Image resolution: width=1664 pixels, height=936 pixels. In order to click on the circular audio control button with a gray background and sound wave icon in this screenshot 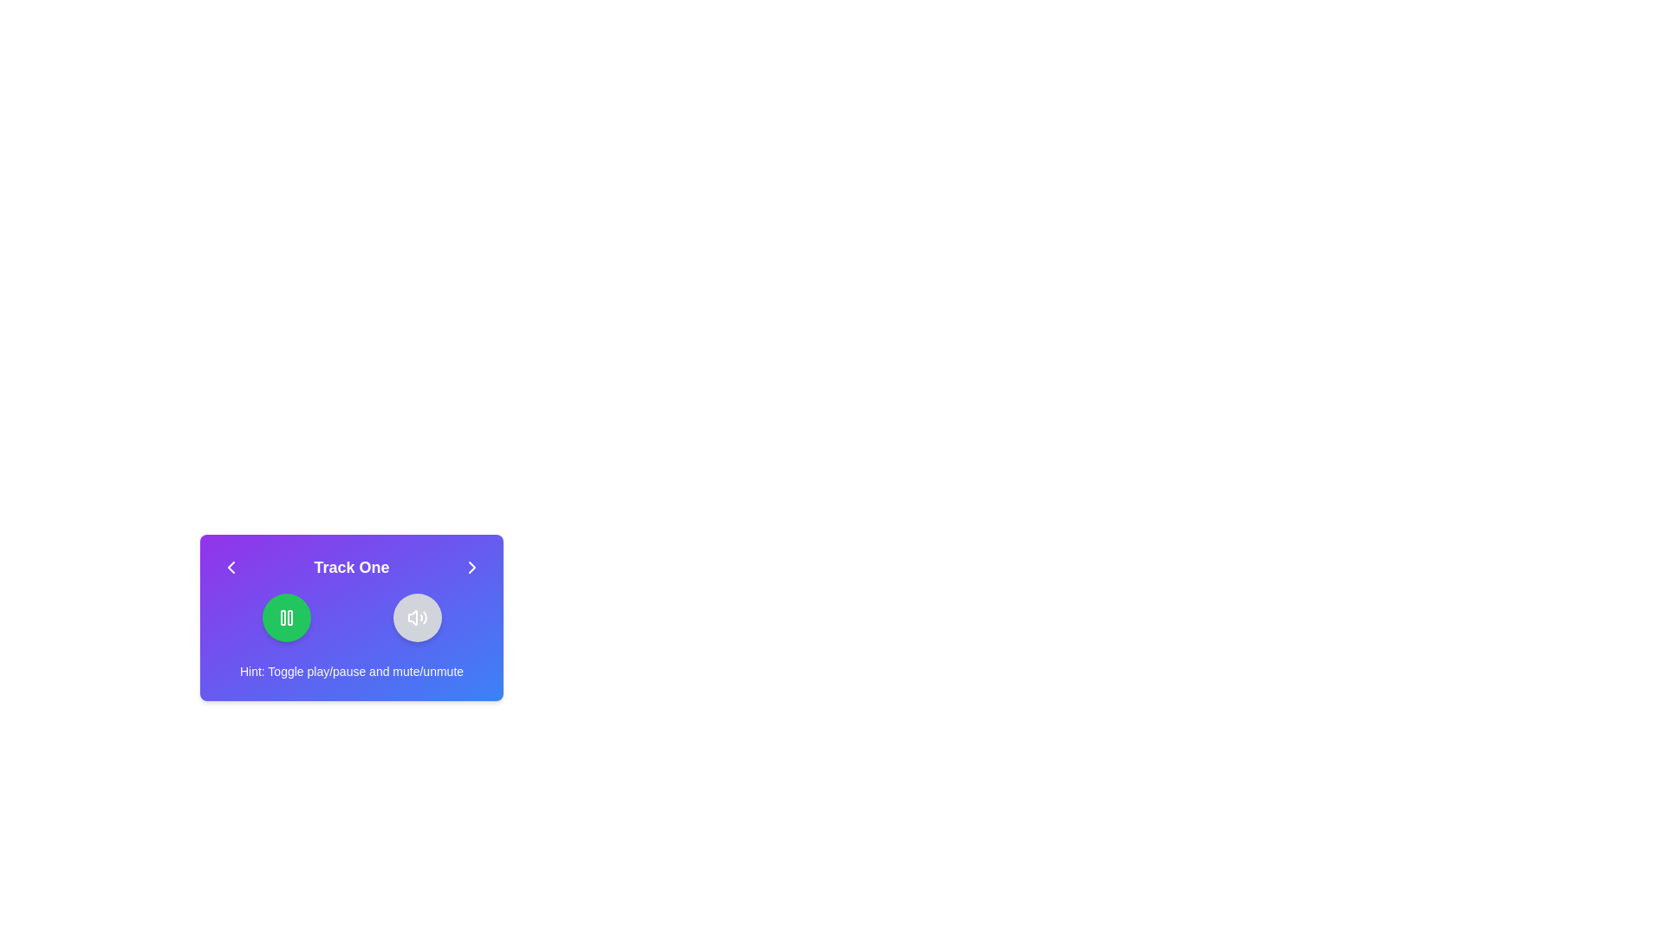, I will do `click(417, 617)`.